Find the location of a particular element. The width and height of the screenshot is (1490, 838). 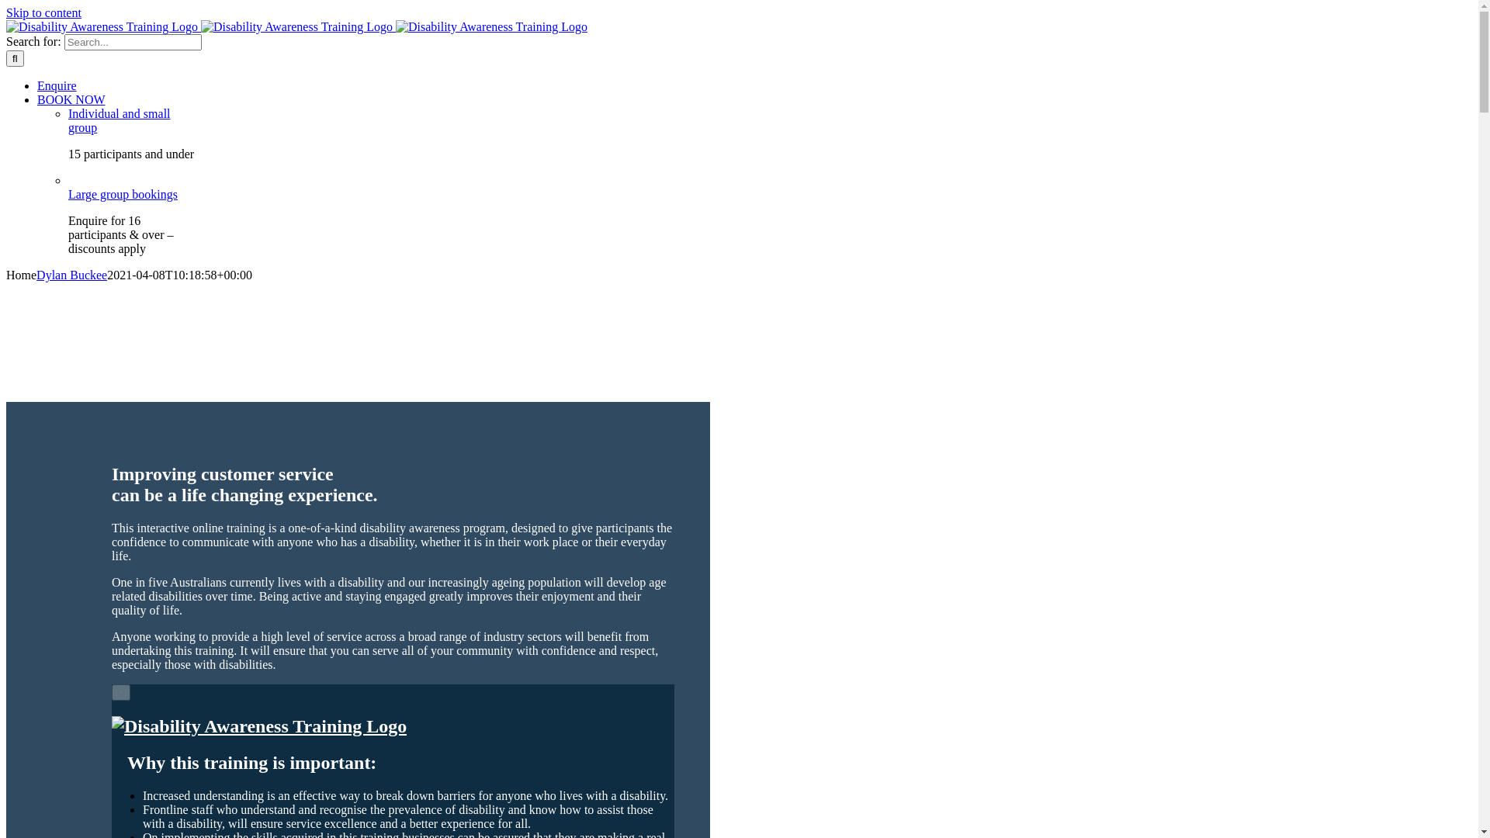

'Dylan Buckee' is located at coordinates (71, 274).